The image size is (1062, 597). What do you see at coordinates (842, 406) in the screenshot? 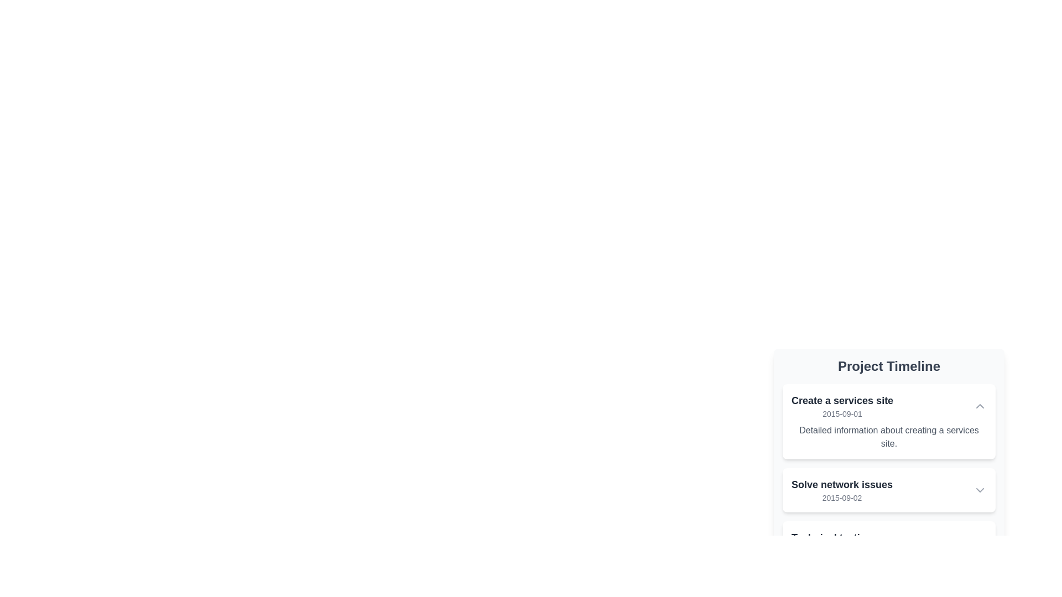
I see `the List item header displaying 'Create a services site'` at bounding box center [842, 406].